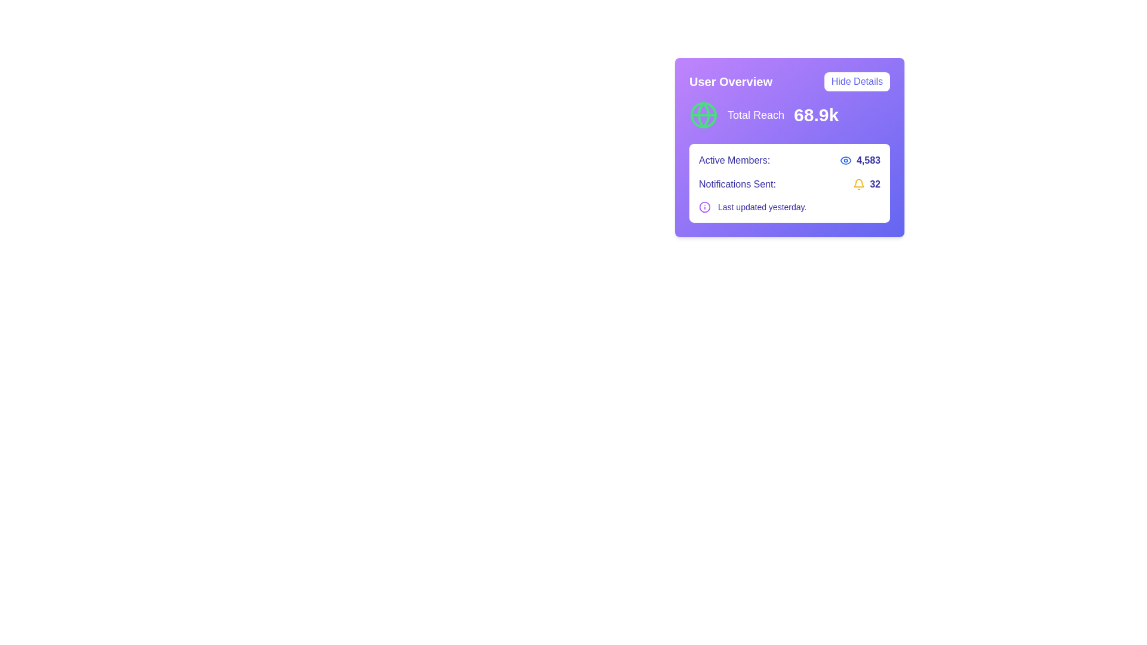  What do you see at coordinates (789, 115) in the screenshot?
I see `the informational display showing 'Total Reach' with the value '68.9k', located below the 'User Overview' heading and to the left of the 'Hide Details' button` at bounding box center [789, 115].